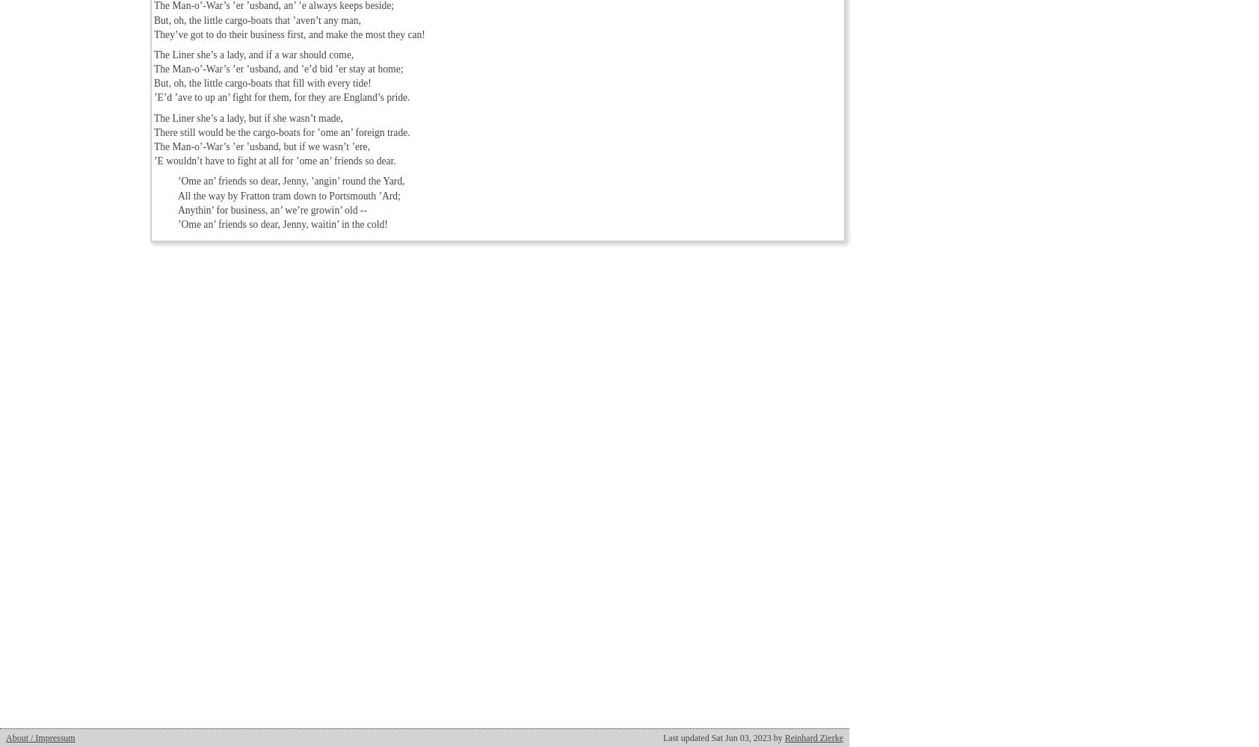  I want to click on 'There still would be the cargo-boats for ’ome an’ foreign trade.', so click(282, 131).